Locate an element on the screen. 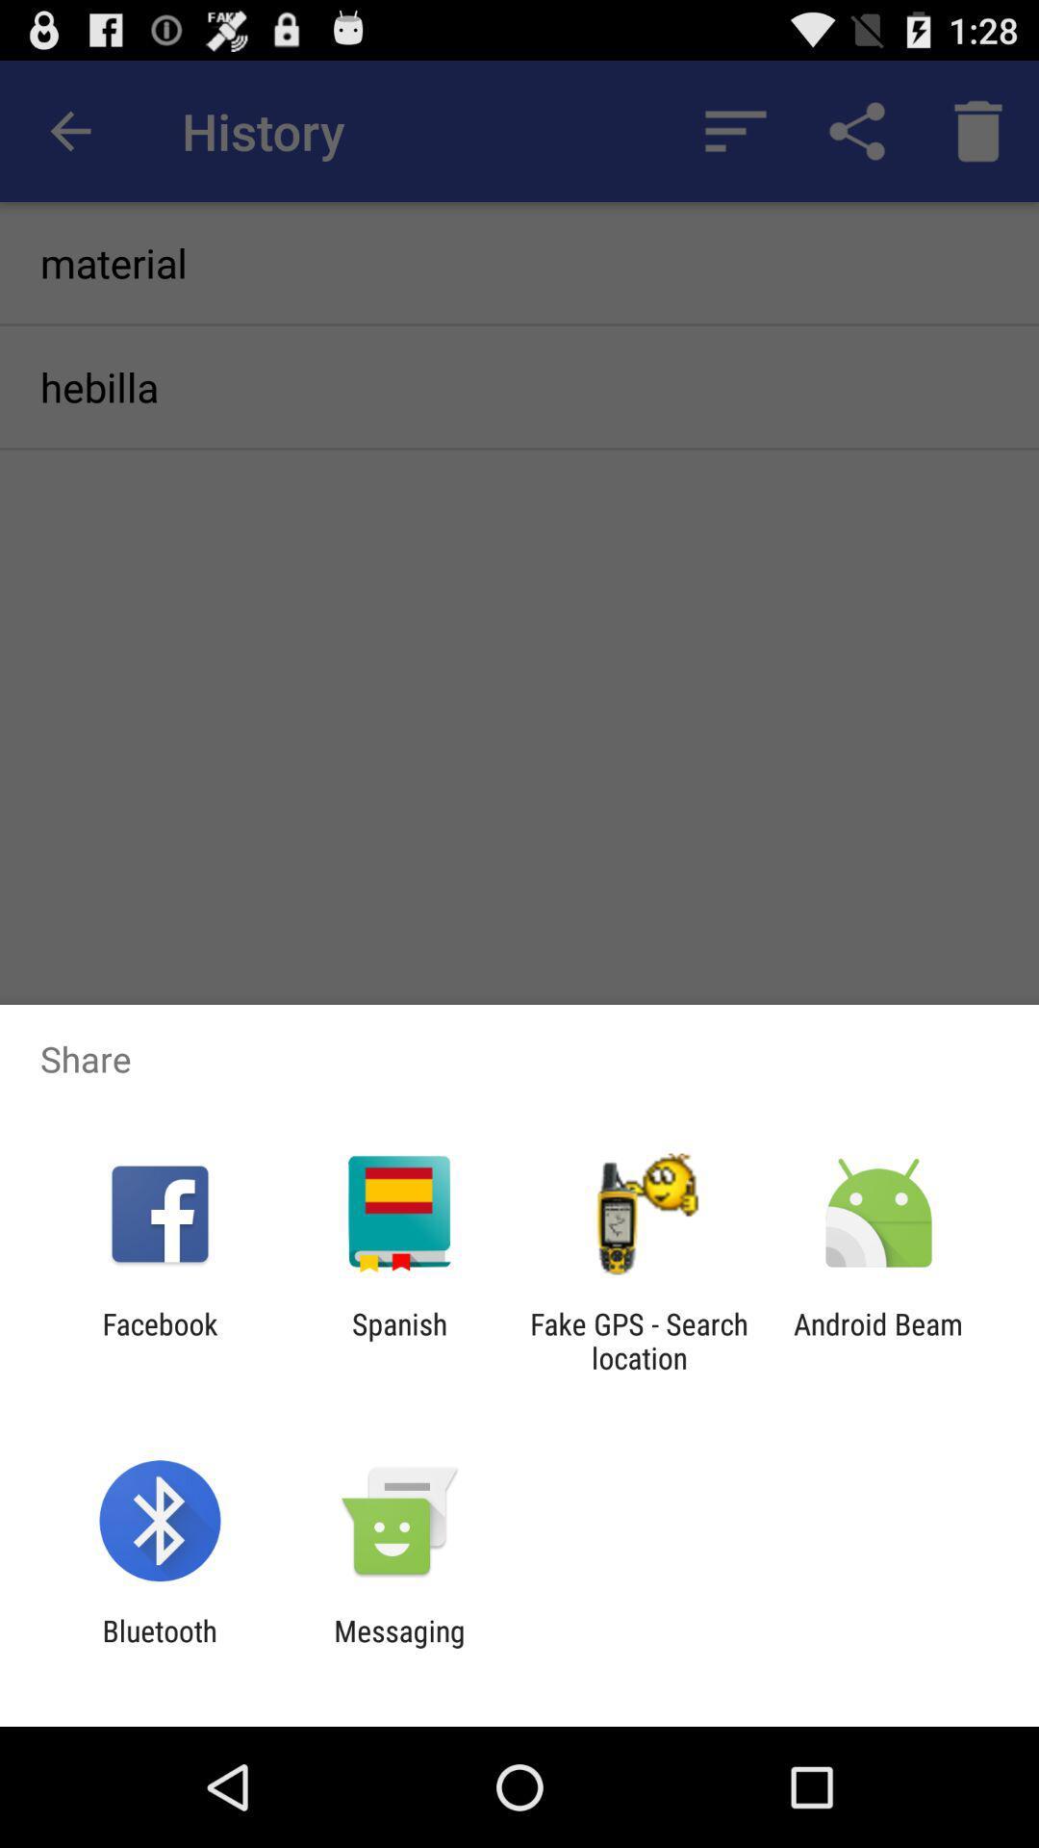  the android beam at the bottom right corner is located at coordinates (878, 1340).